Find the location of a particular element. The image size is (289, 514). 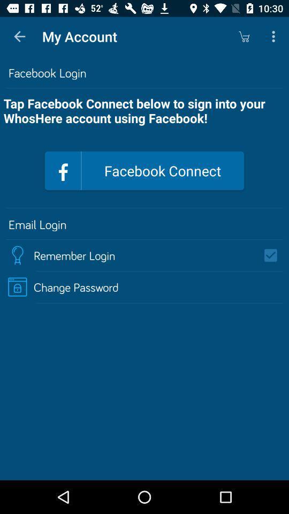

the app next to the my account icon is located at coordinates (19, 36).